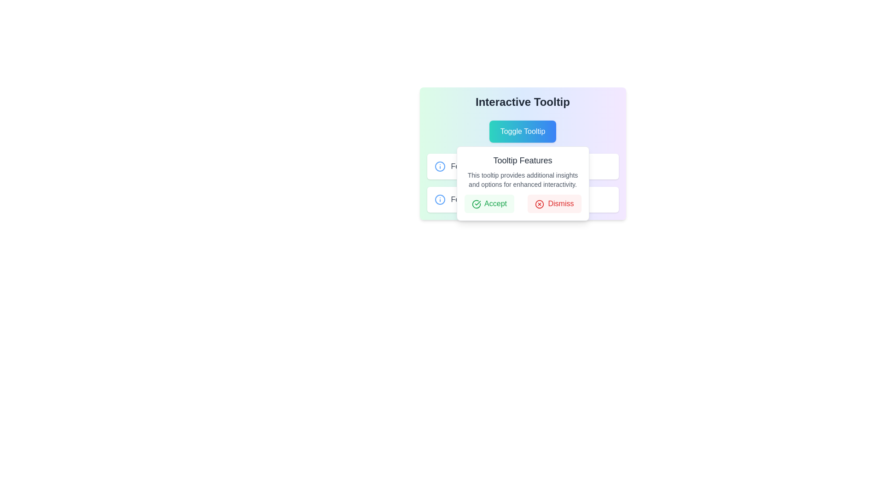 The width and height of the screenshot is (884, 497). Describe the element at coordinates (523, 131) in the screenshot. I see `the 'Toggle Tooltip' button, which is a rectangular button with a teal to blue gradient, white centered text, rounded corners, and shadow effects, located below 'Interactive Tooltip'` at that location.